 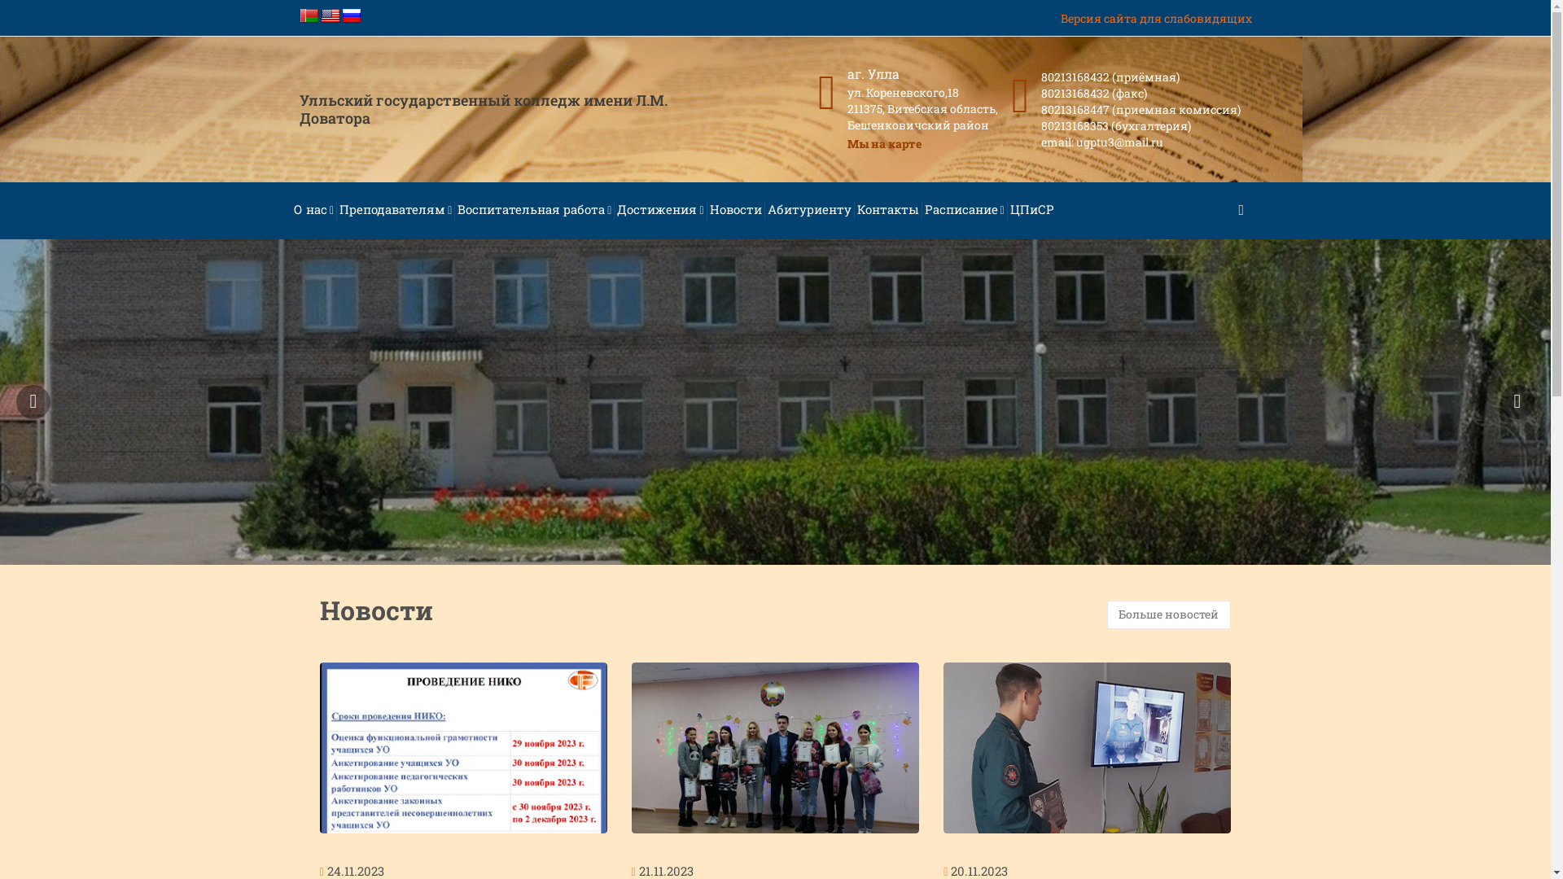 What do you see at coordinates (309, 15) in the screenshot?
I see `'Belarusian'` at bounding box center [309, 15].